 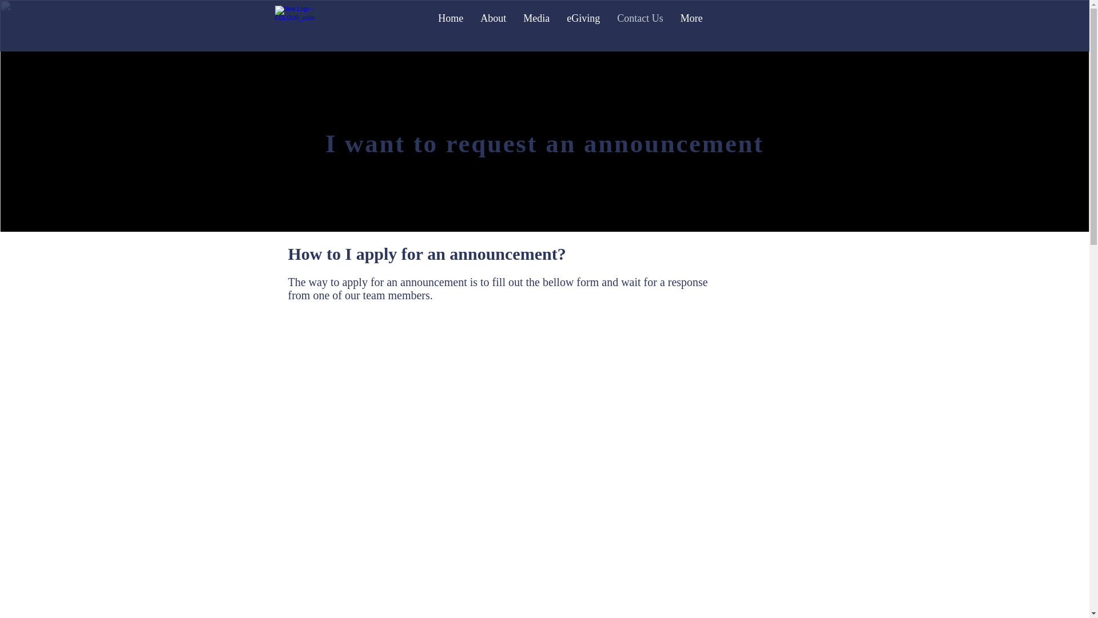 What do you see at coordinates (583, 26) in the screenshot?
I see `'eGiving'` at bounding box center [583, 26].